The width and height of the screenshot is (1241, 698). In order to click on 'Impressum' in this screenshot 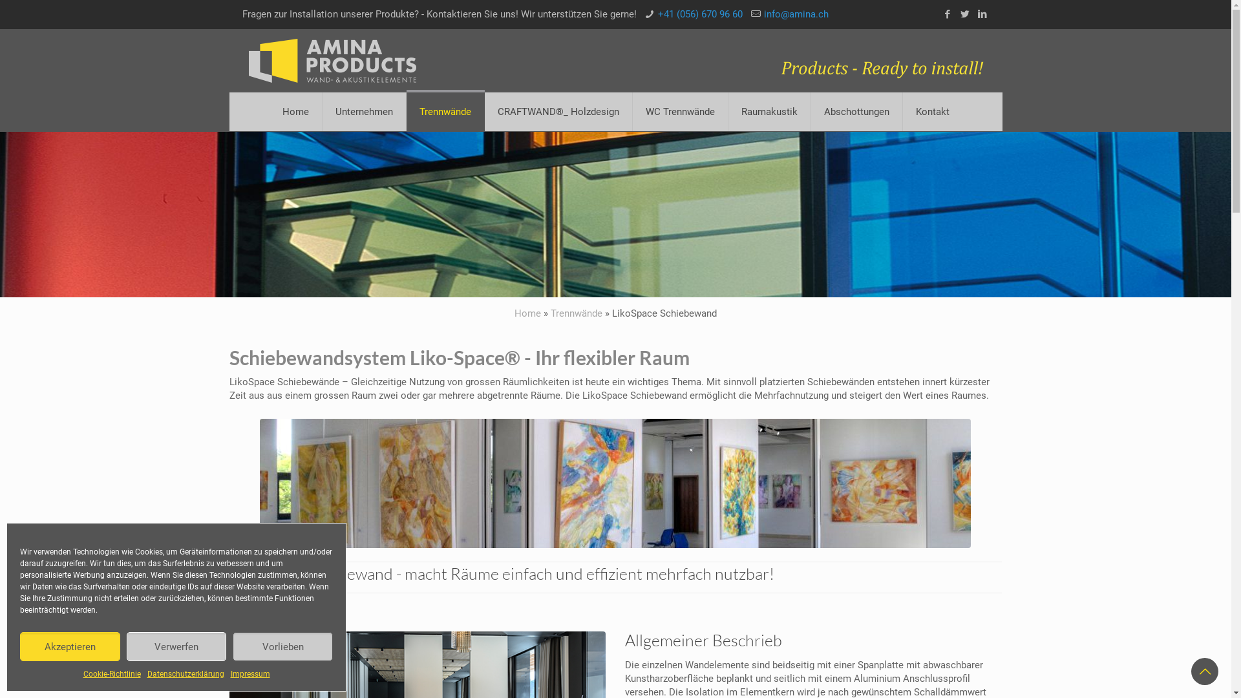, I will do `click(229, 673)`.